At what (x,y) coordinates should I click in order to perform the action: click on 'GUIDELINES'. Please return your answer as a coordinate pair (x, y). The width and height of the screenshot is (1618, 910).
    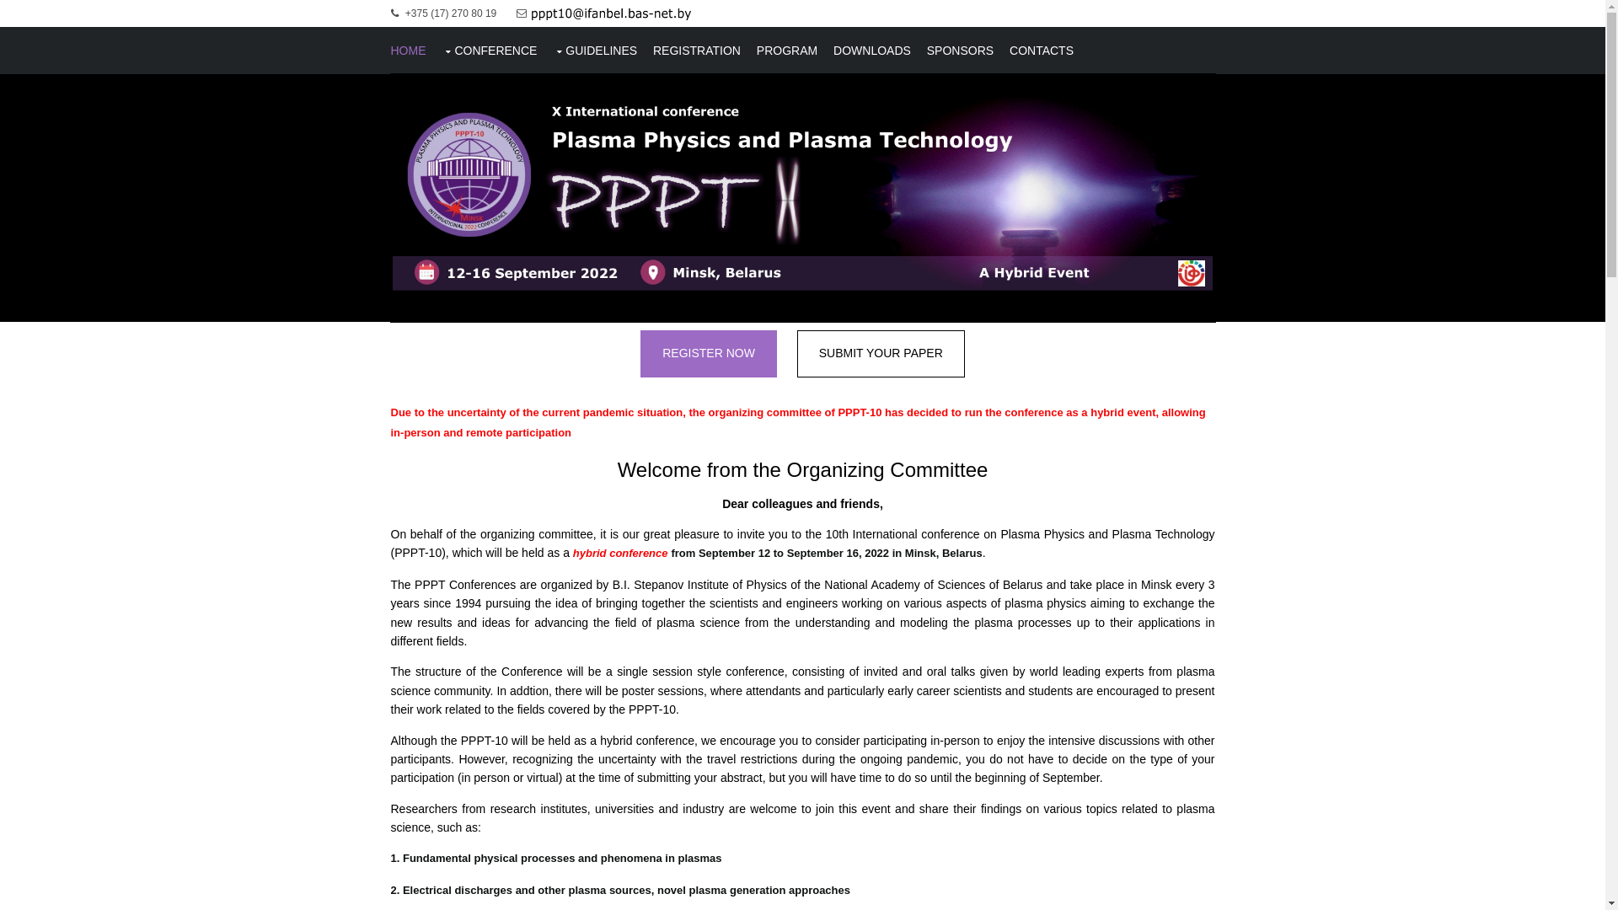
    Looking at the image, I should click on (553, 50).